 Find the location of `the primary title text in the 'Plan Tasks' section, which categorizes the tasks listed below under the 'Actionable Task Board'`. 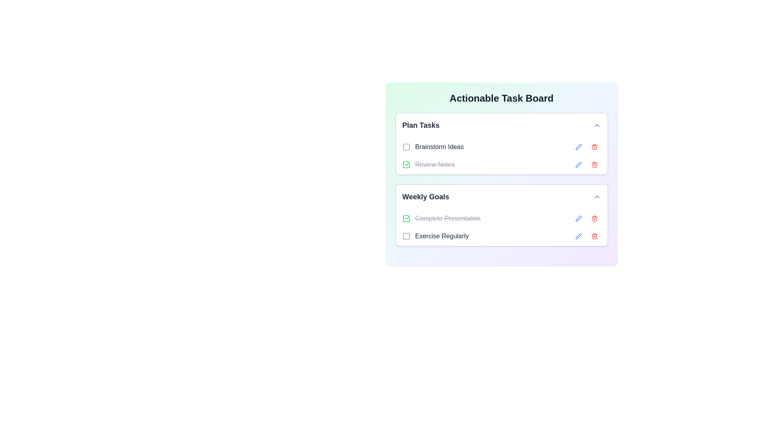

the primary title text in the 'Plan Tasks' section, which categorizes the tasks listed below under the 'Actionable Task Board' is located at coordinates (420, 125).